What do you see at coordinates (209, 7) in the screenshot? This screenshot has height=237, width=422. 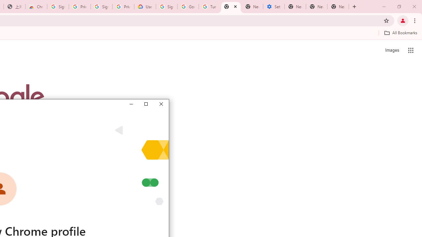 I see `'Turn cookies on or off - Computer - Google Account Help'` at bounding box center [209, 7].